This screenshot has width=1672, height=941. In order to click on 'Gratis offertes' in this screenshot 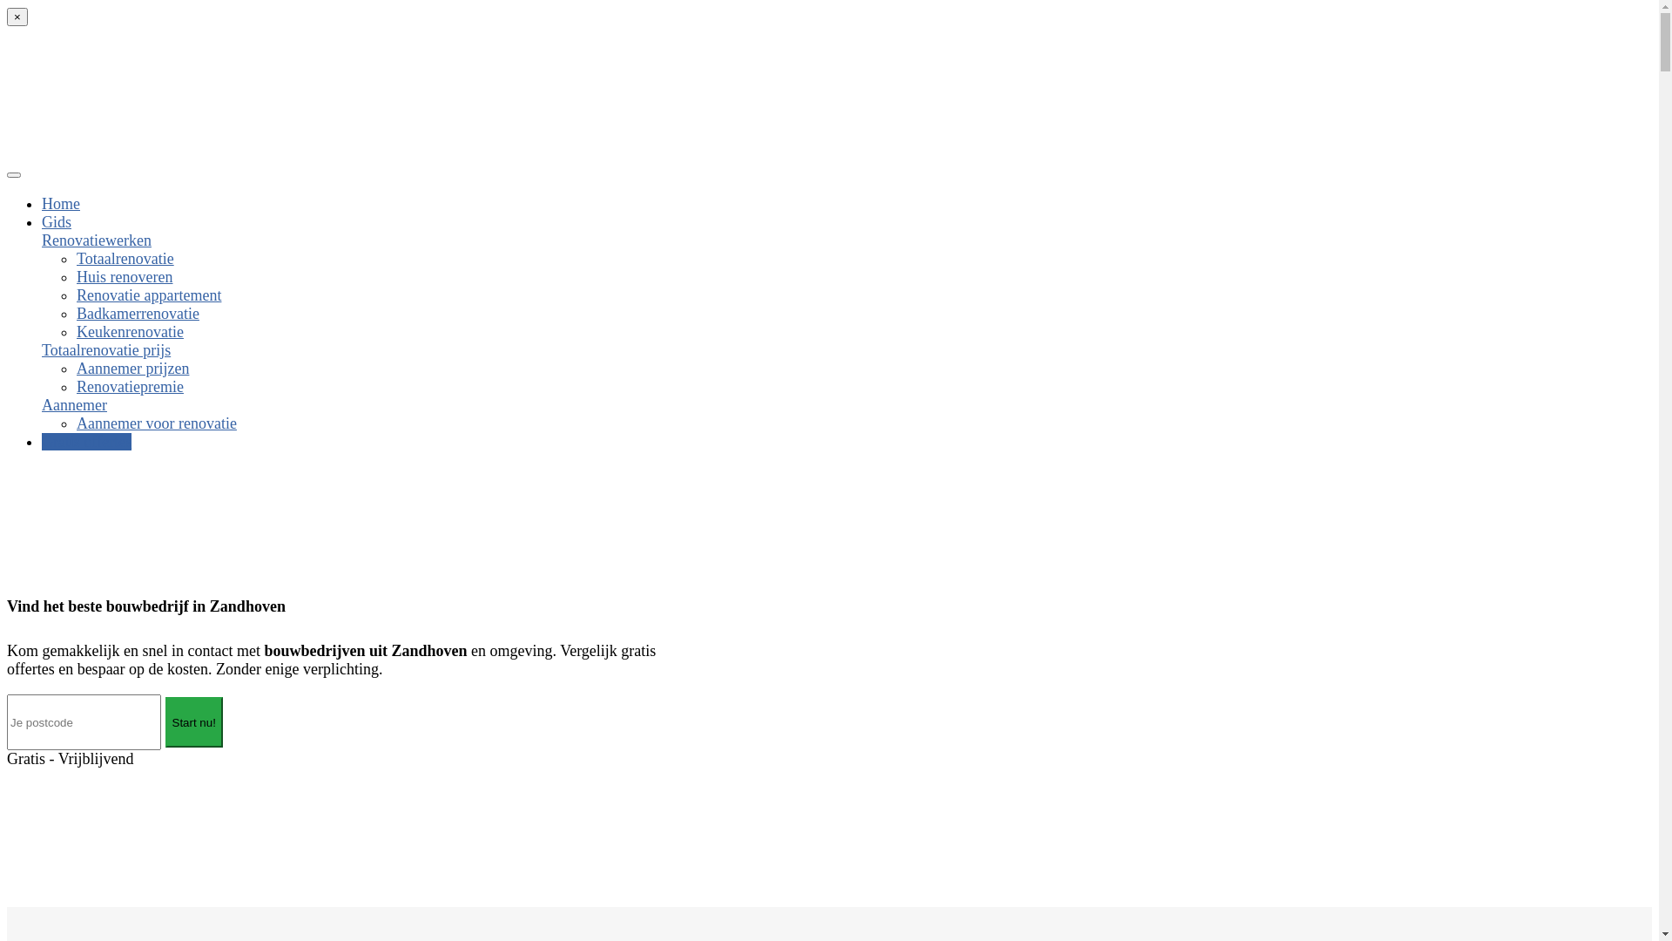, I will do `click(42, 440)`.